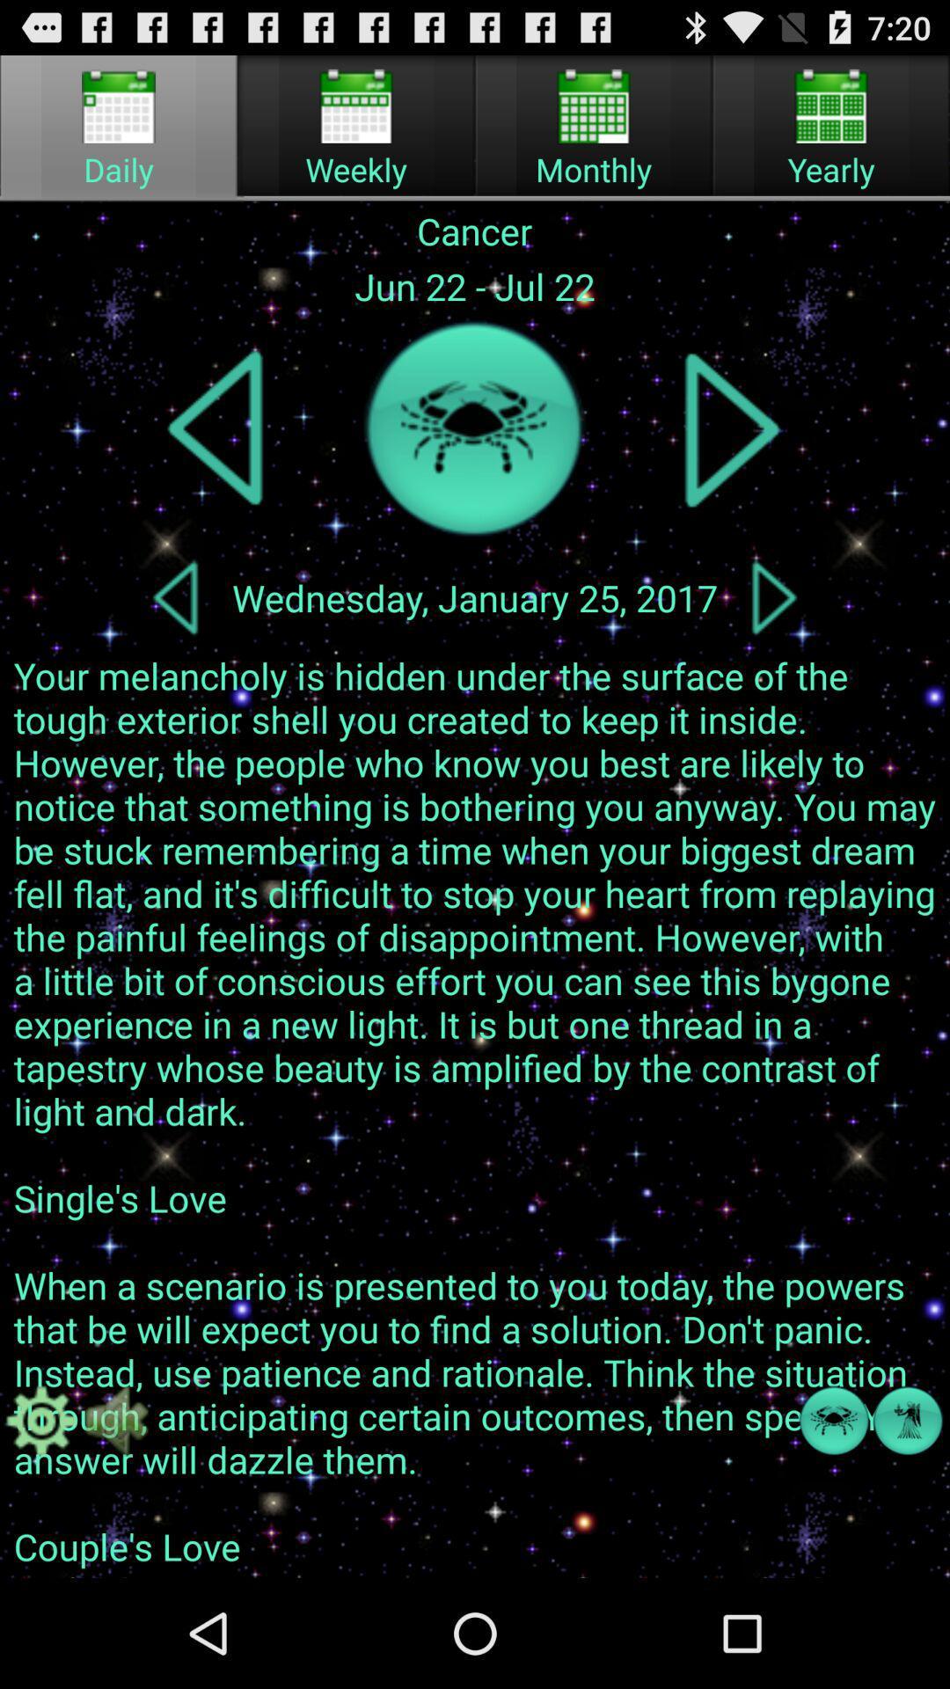  I want to click on go back, so click(216, 428).